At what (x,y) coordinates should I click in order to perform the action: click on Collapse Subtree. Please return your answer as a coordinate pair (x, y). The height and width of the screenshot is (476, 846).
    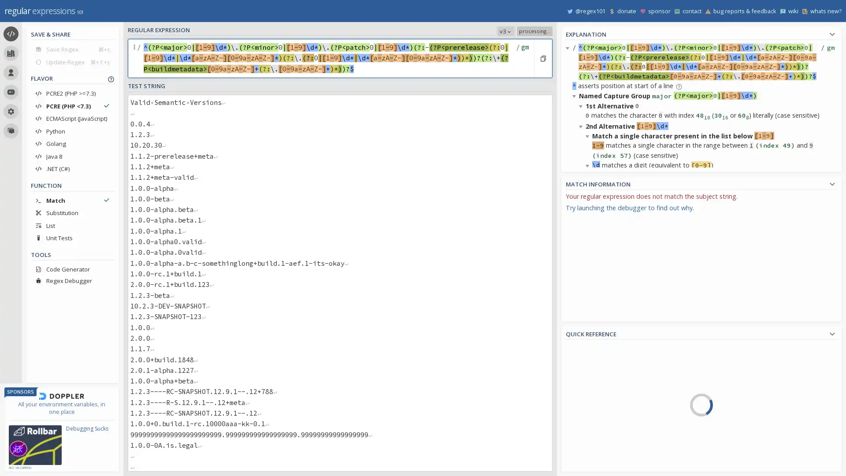
    Looking at the image, I should click on (589, 165).